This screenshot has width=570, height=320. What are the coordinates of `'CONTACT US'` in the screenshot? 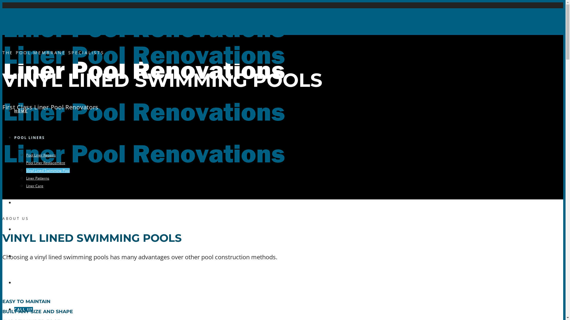 It's located at (28, 282).